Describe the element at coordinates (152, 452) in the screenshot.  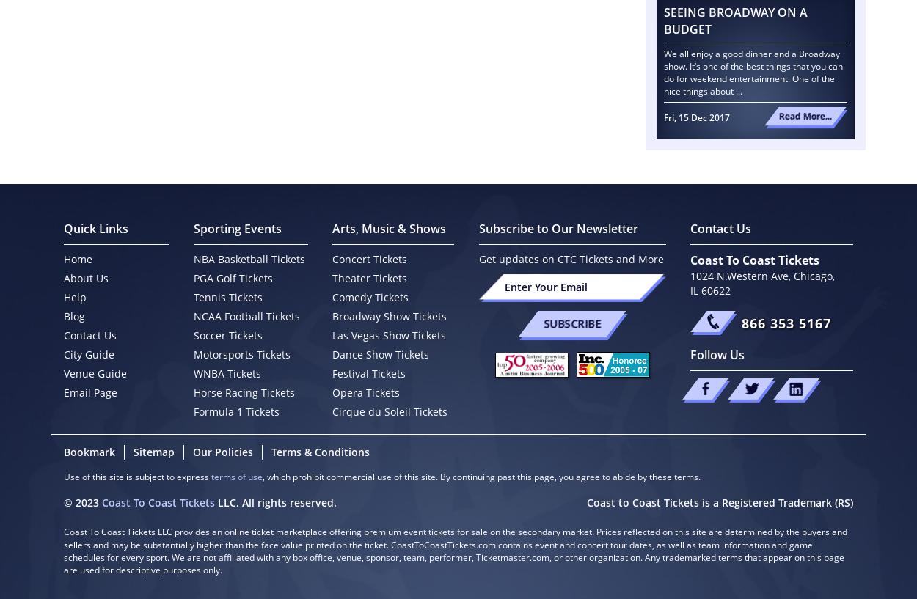
I see `'Sitemap'` at that location.